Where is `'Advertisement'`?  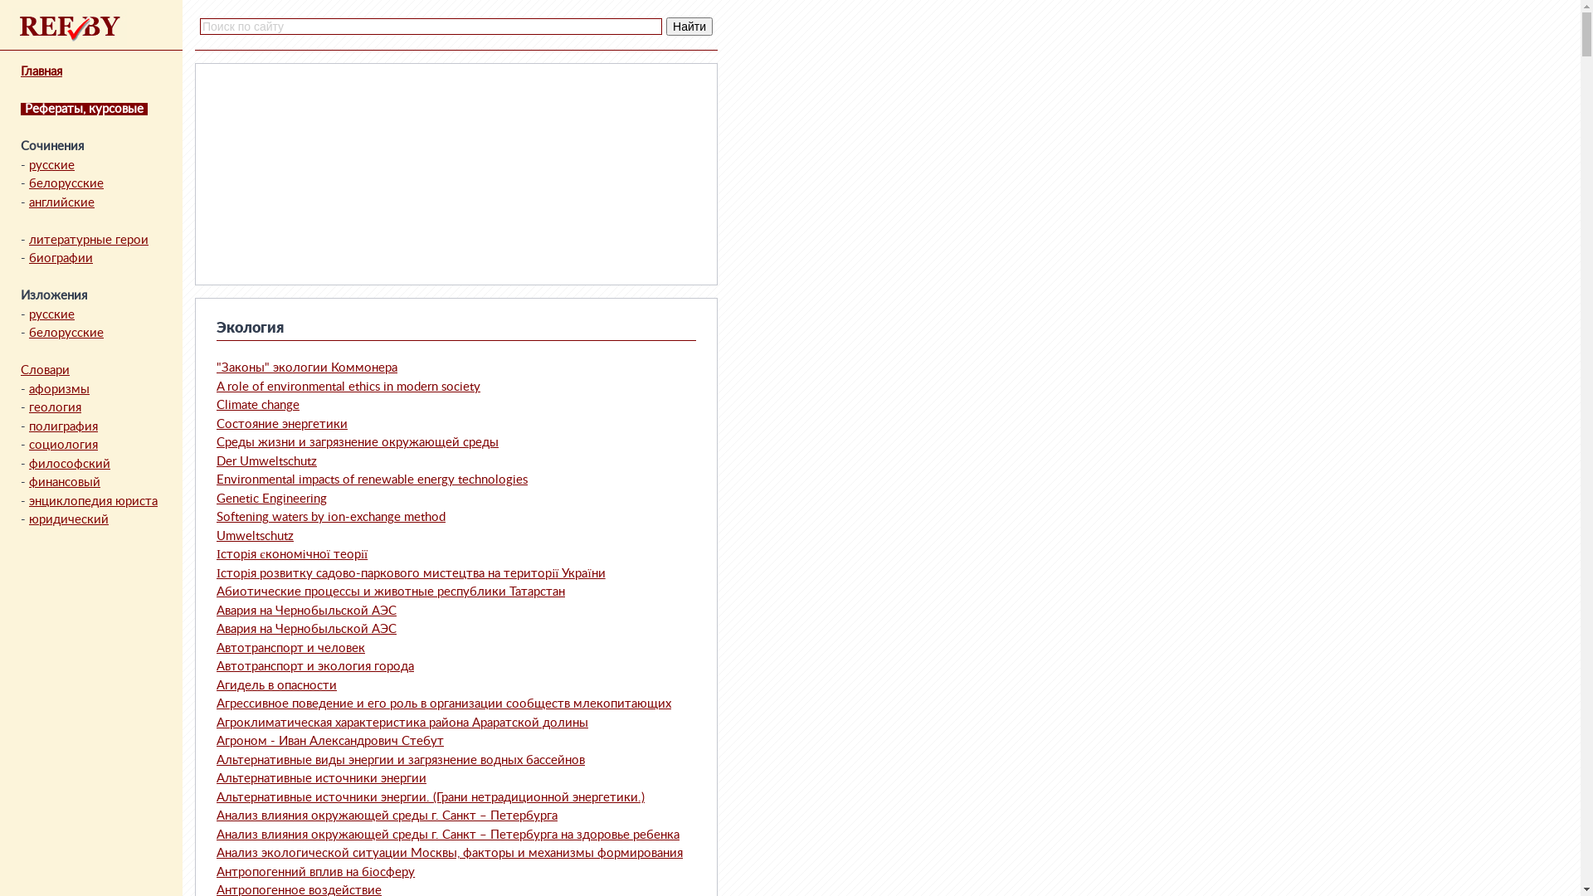
'Advertisement' is located at coordinates (585, 173).